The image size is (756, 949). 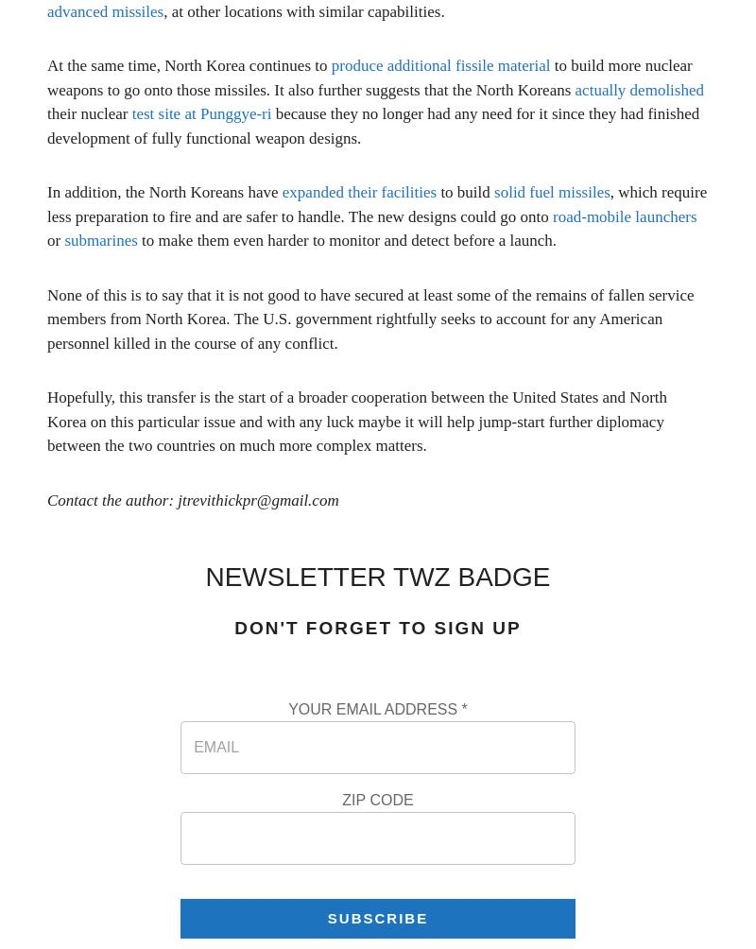 What do you see at coordinates (551, 191) in the screenshot?
I see `'solid fuel missiles'` at bounding box center [551, 191].